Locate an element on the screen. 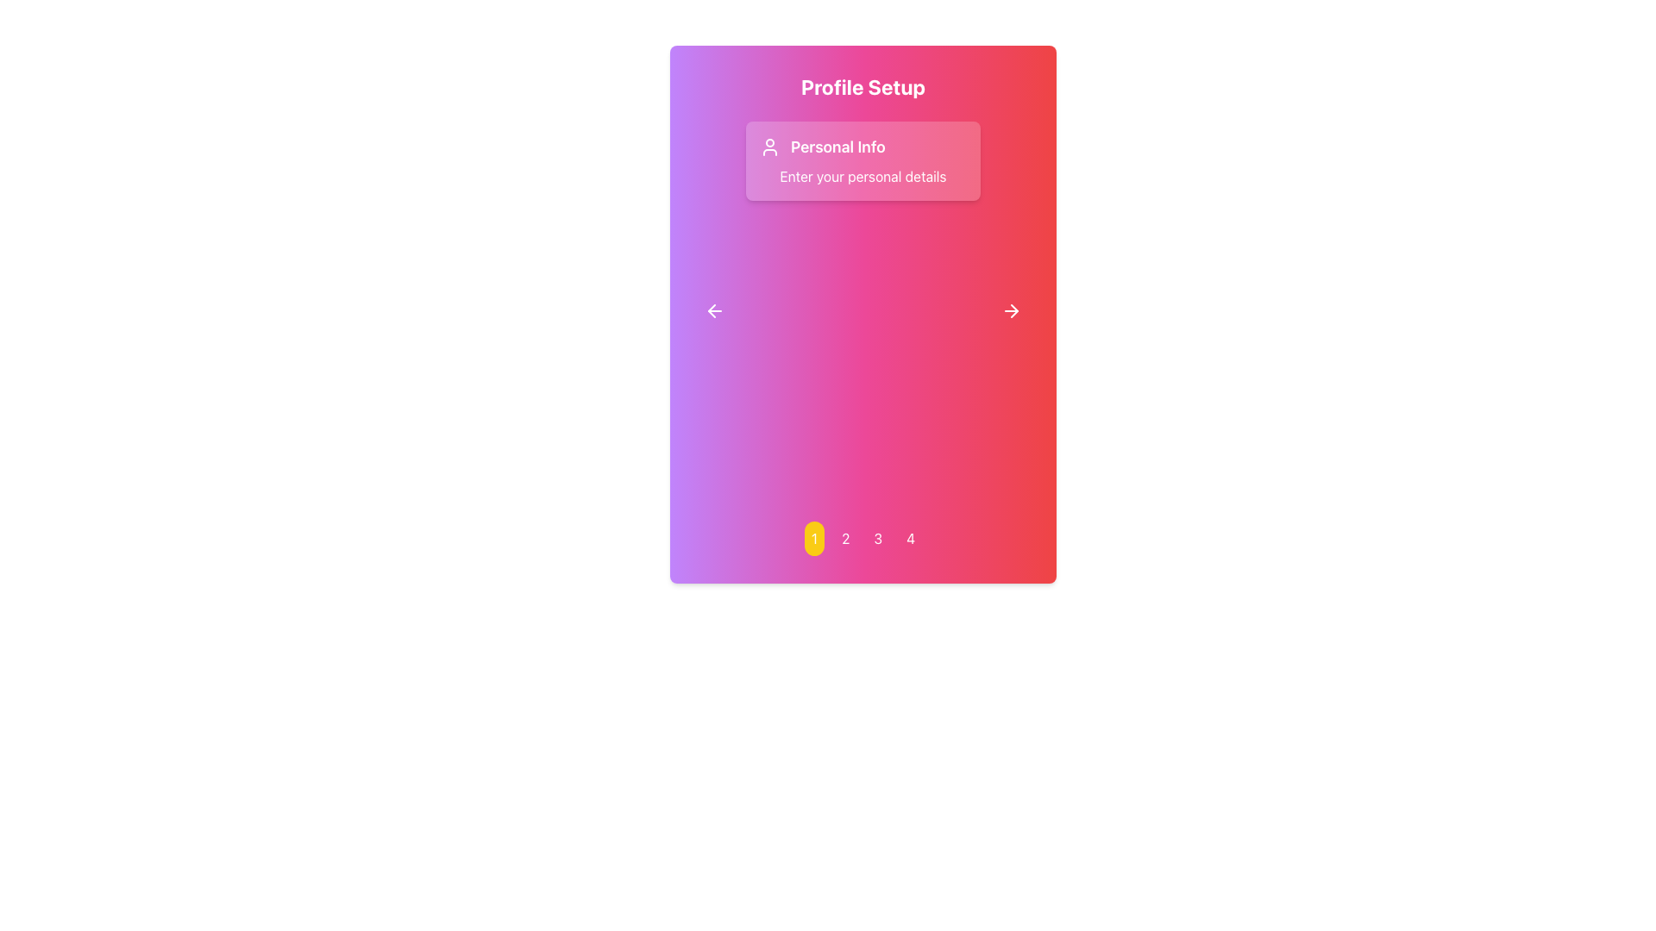 The height and width of the screenshot is (931, 1656). the circular button displaying the number '3' is located at coordinates (877, 537).